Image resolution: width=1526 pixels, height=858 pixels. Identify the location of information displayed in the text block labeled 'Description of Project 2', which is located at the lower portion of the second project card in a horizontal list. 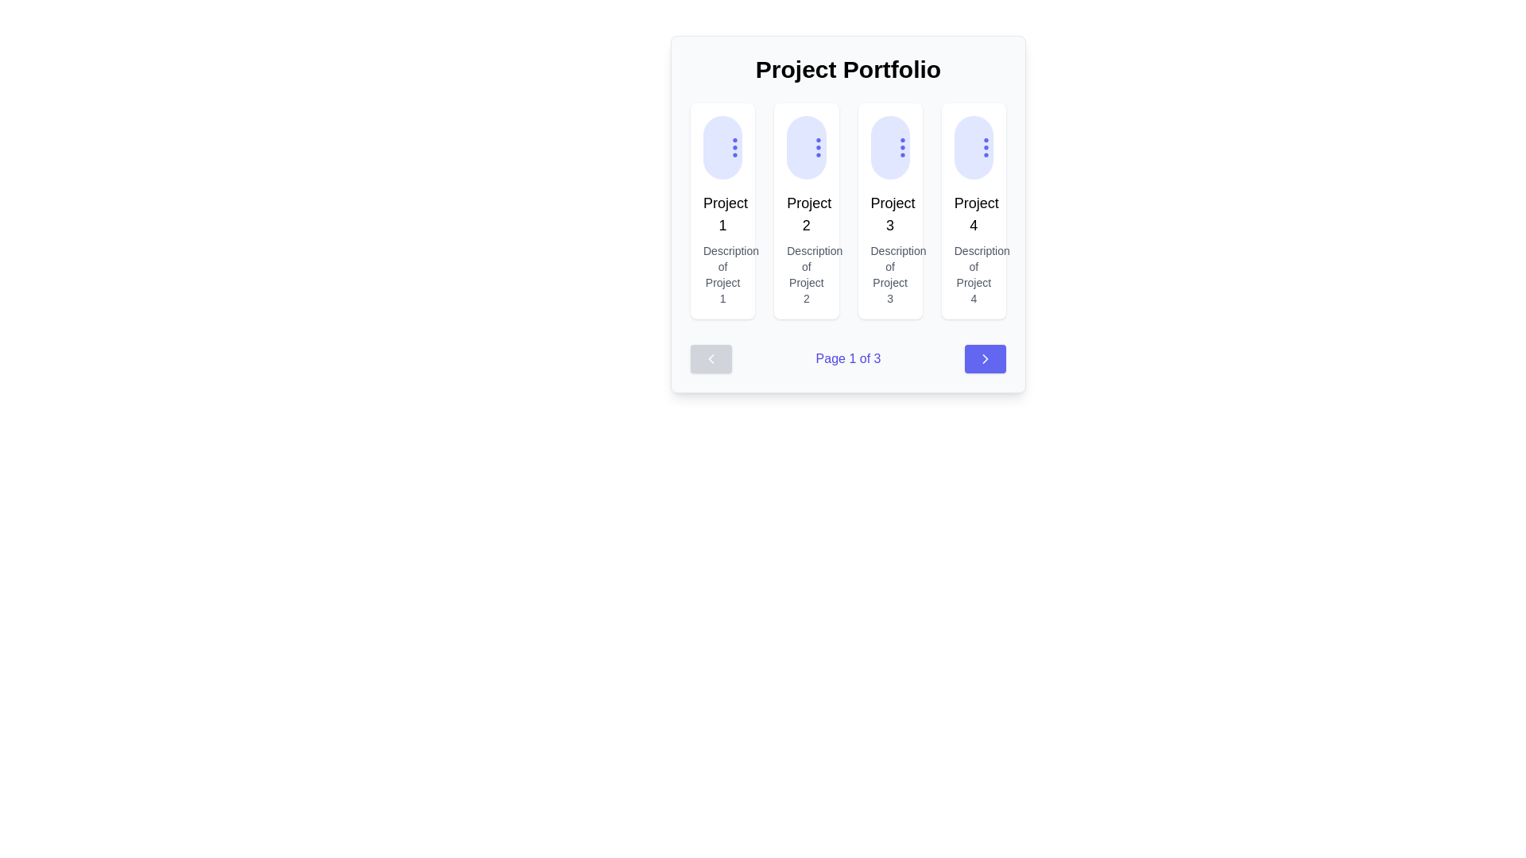
(806, 274).